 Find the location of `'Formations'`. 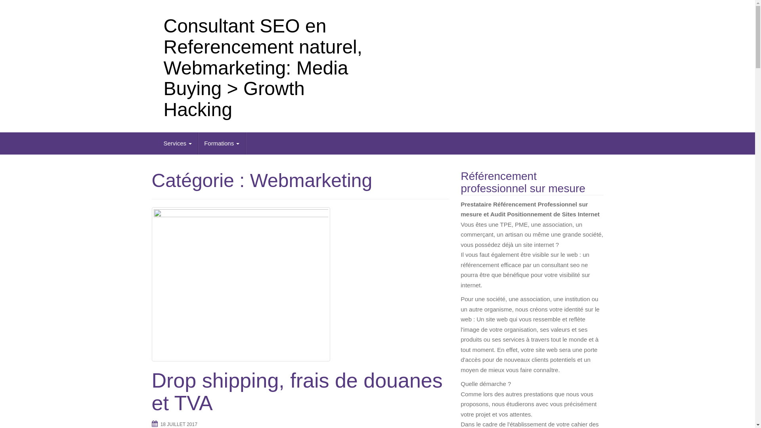

'Formations' is located at coordinates (222, 143).